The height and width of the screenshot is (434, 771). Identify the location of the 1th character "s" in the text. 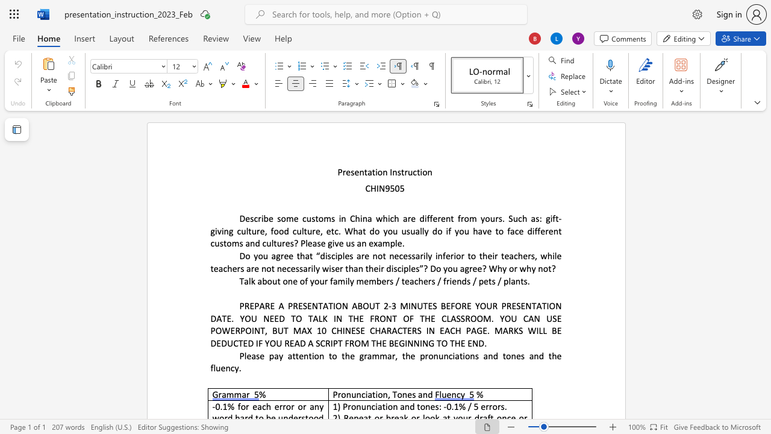
(352, 172).